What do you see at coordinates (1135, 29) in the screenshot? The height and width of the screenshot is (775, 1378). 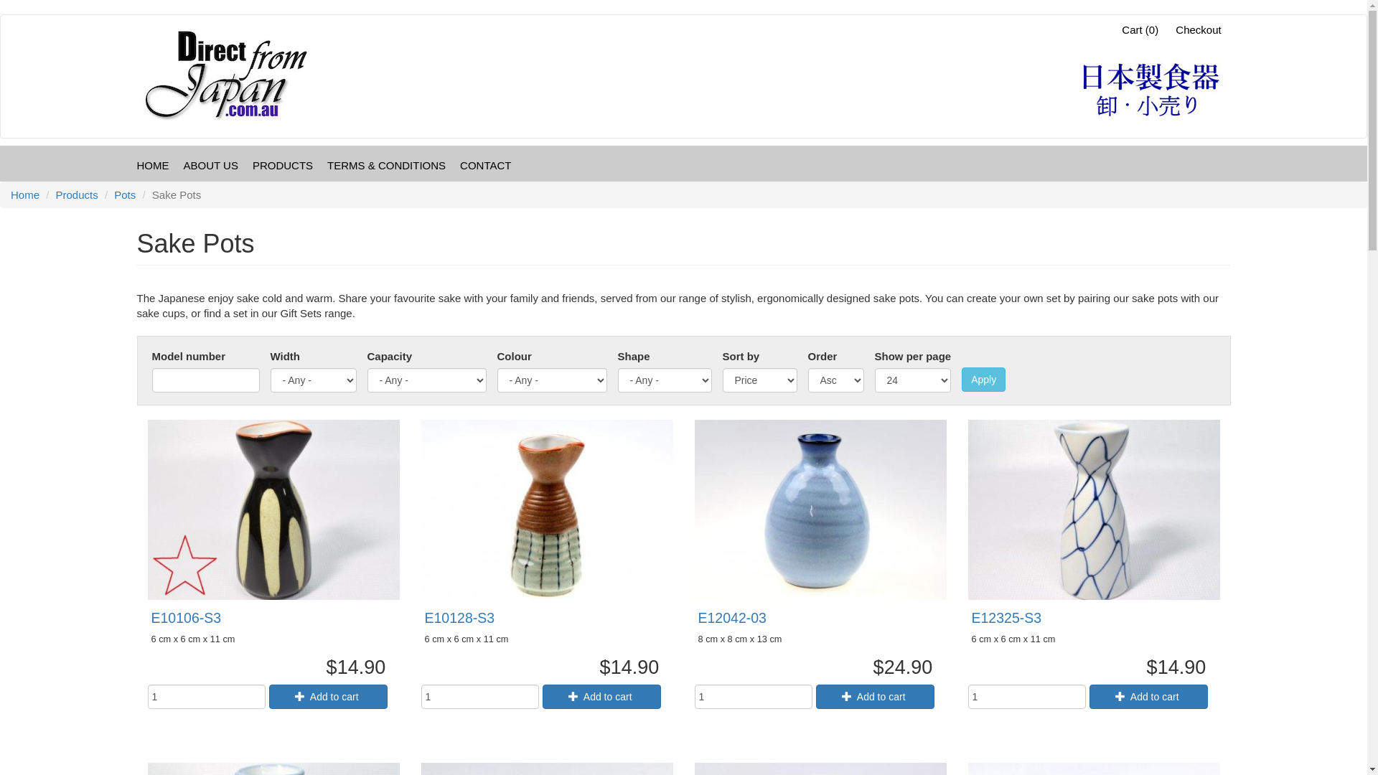 I see `'Cart (0)'` at bounding box center [1135, 29].